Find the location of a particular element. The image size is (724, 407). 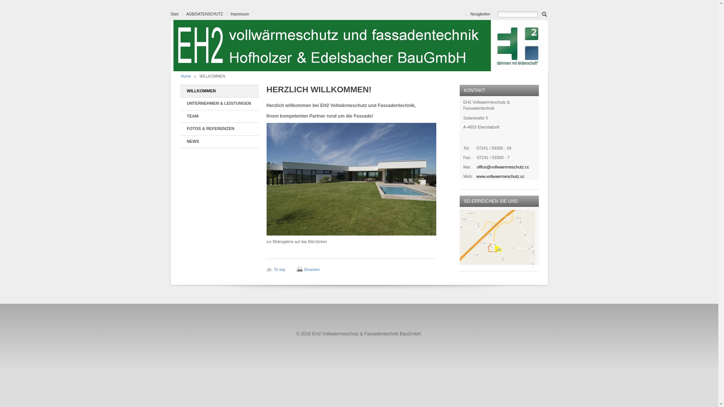

'AGB/DATENSCHUTZ' is located at coordinates (186, 14).